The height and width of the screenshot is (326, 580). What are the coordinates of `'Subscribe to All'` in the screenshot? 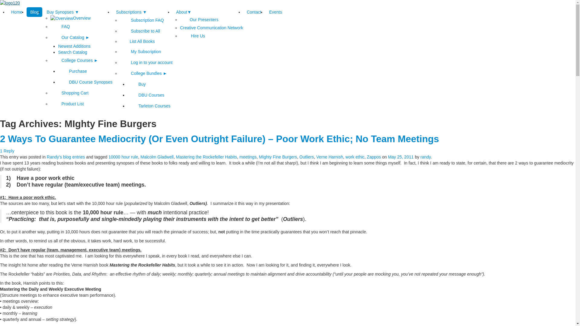 It's located at (140, 31).